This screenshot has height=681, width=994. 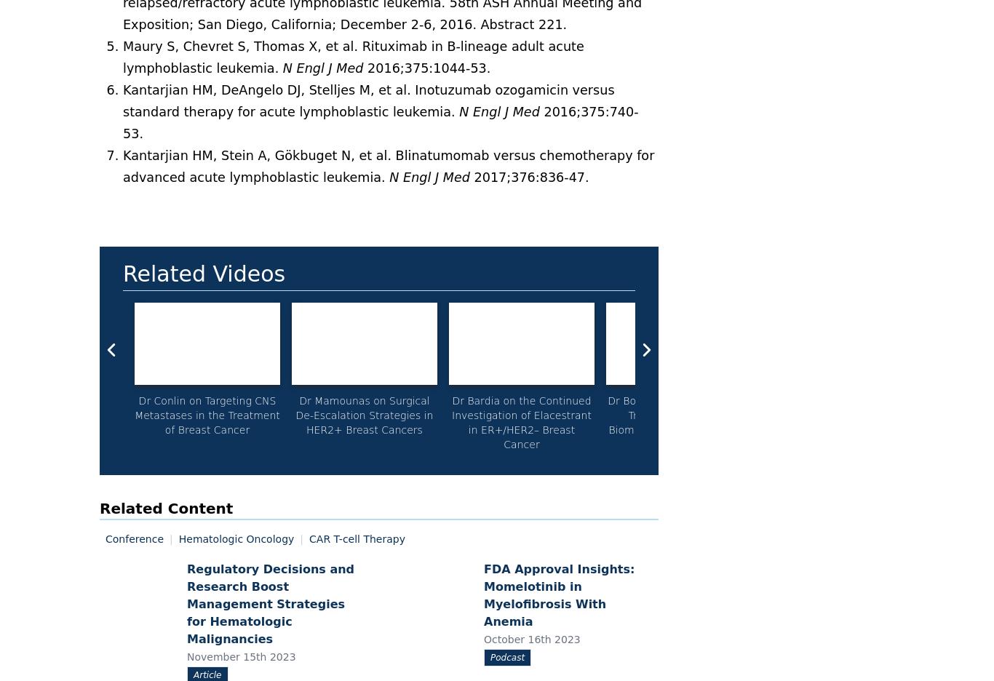 I want to click on 'Dr Liu on the Benefits of Biomarker Testing in NSCLC', so click(x=835, y=407).